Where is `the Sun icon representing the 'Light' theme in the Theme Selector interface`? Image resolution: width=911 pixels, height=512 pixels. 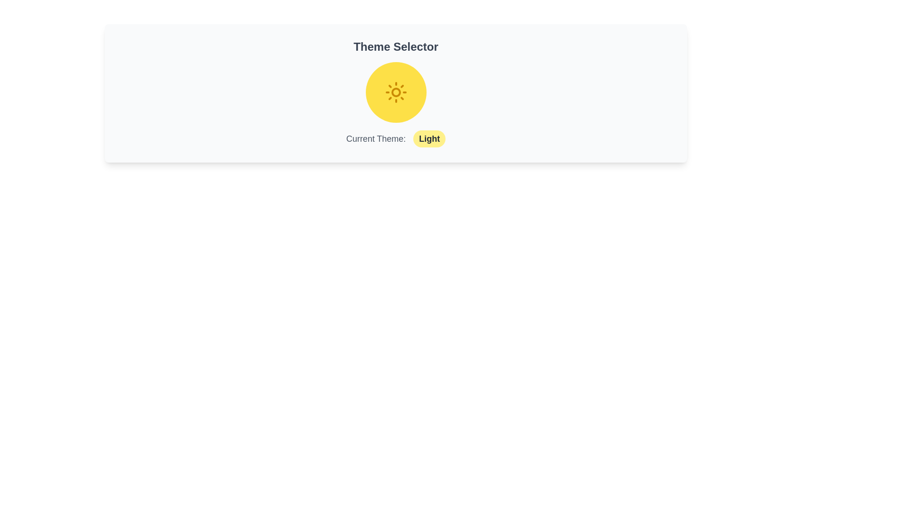 the Sun icon representing the 'Light' theme in the Theme Selector interface is located at coordinates (396, 92).